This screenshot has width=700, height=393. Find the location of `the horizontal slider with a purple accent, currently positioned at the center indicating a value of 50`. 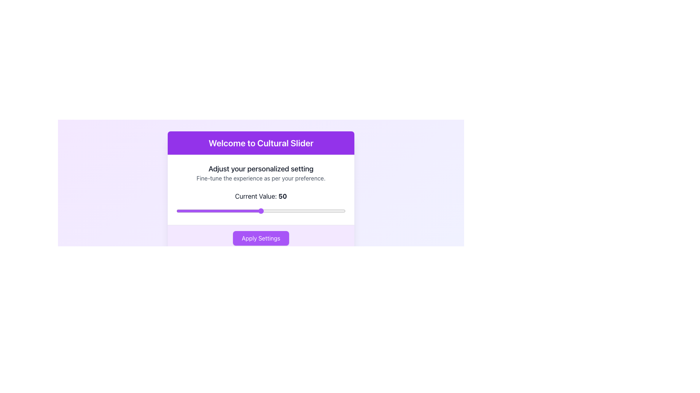

the horizontal slider with a purple accent, currently positioned at the center indicating a value of 50 is located at coordinates (261, 211).